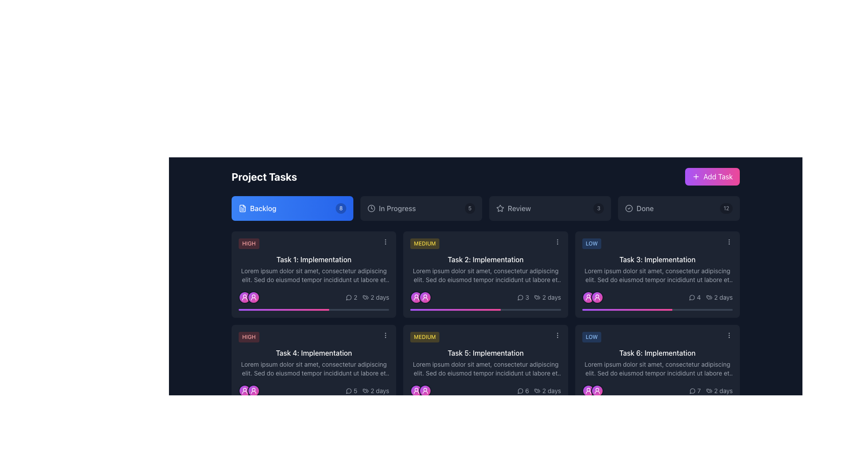  Describe the element at coordinates (243, 208) in the screenshot. I see `the 'Backlog' button by clicking on the associated SVG icon representing a document or file located near the top-left section of the viewport` at that location.